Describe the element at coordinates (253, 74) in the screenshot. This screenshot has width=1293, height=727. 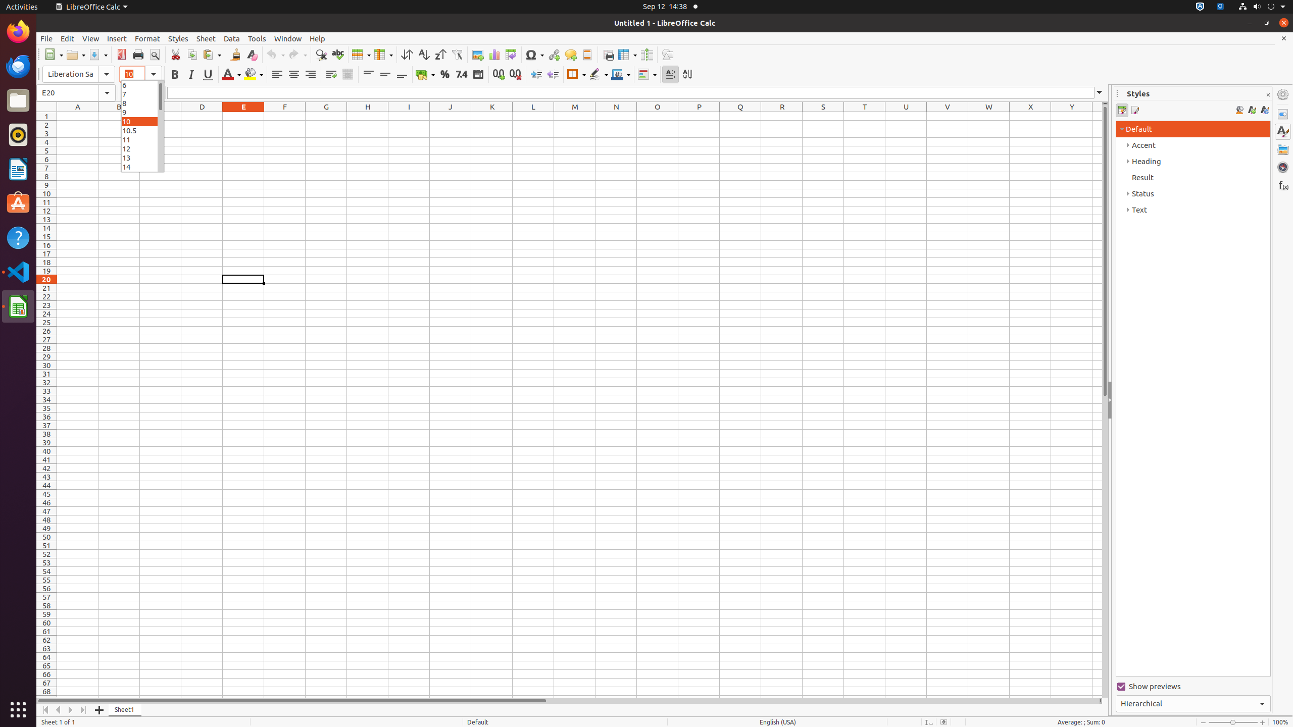
I see `'Background Color'` at that location.